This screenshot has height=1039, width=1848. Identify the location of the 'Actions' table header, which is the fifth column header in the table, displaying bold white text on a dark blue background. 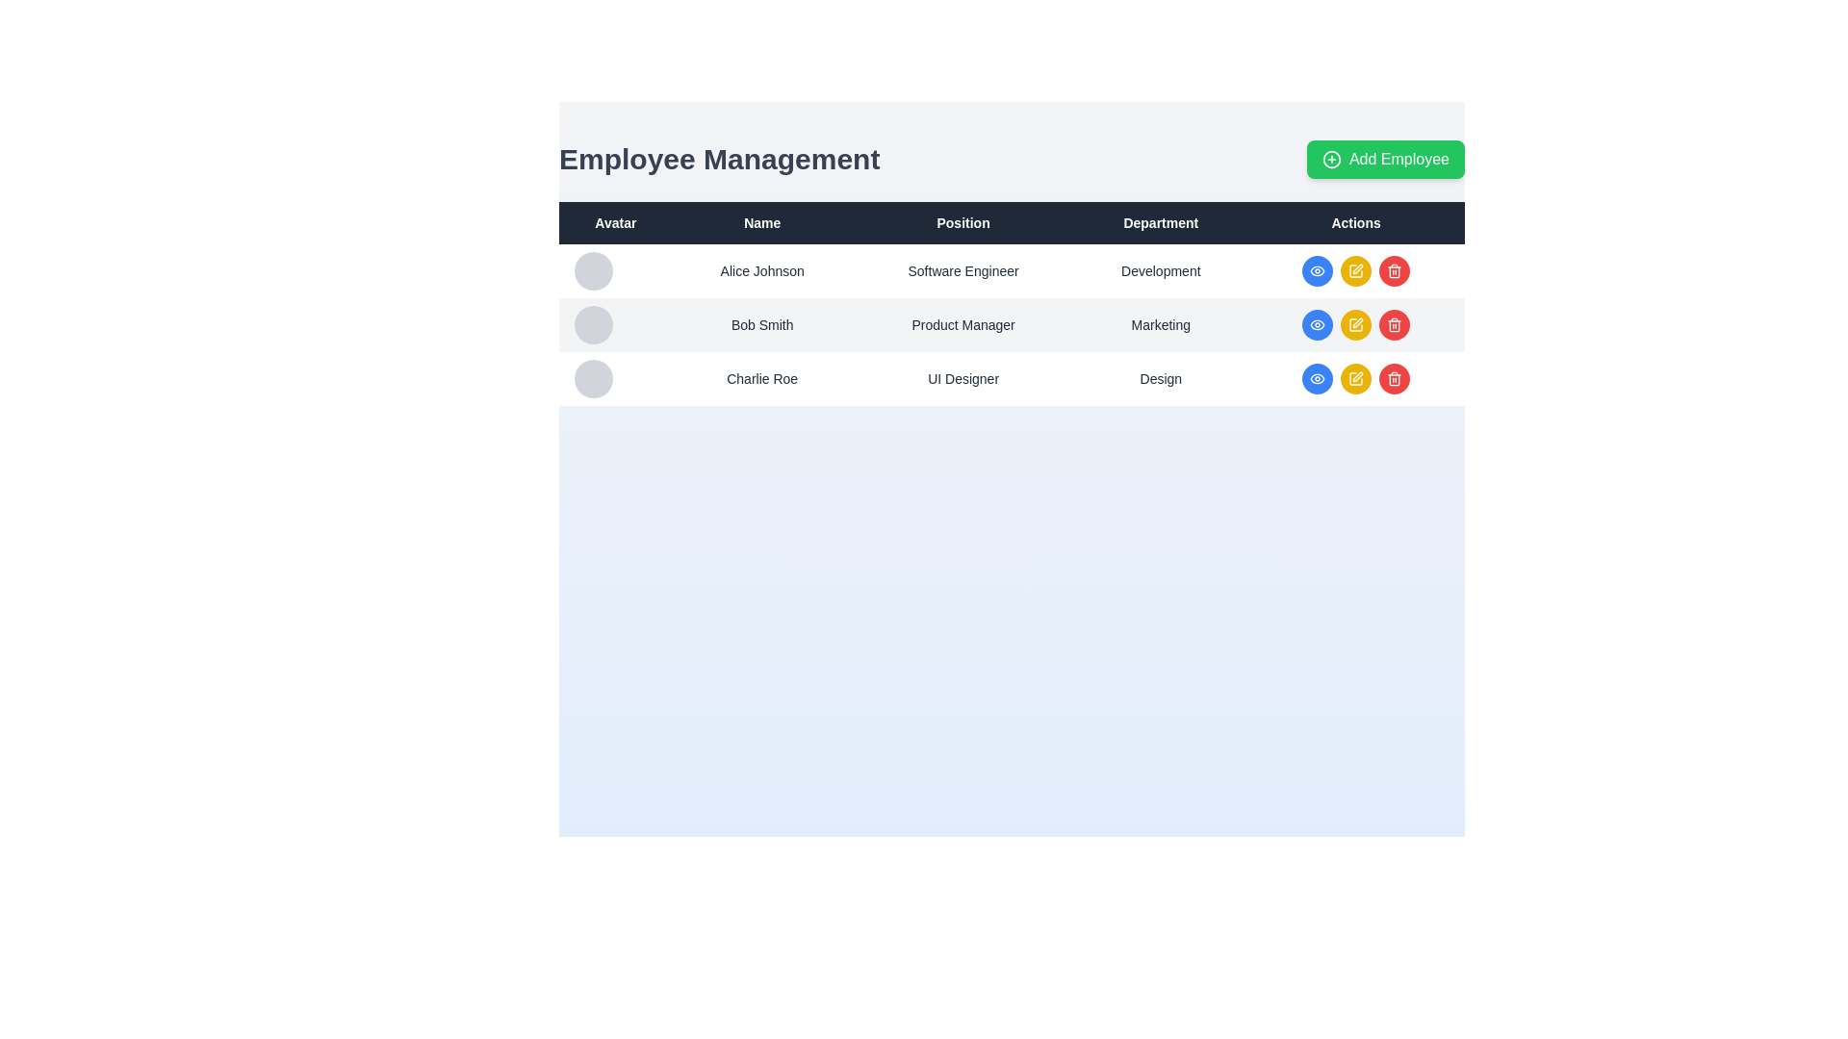
(1355, 221).